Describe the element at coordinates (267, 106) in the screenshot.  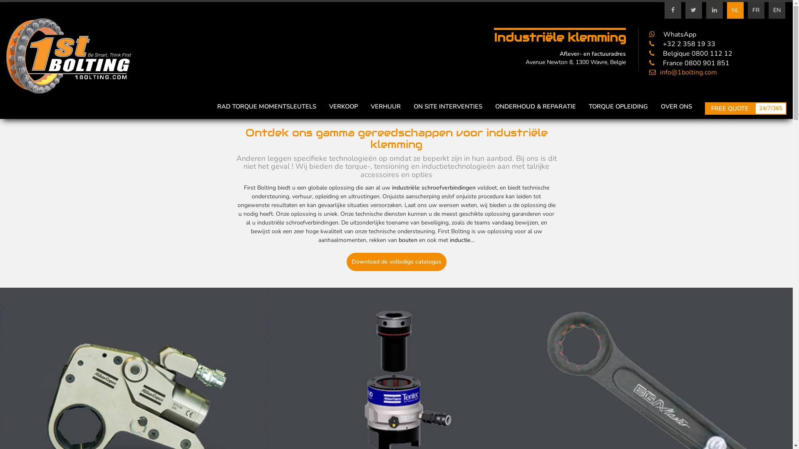
I see `'RAD TORQUE MOMENTSLEUTELS'` at that location.